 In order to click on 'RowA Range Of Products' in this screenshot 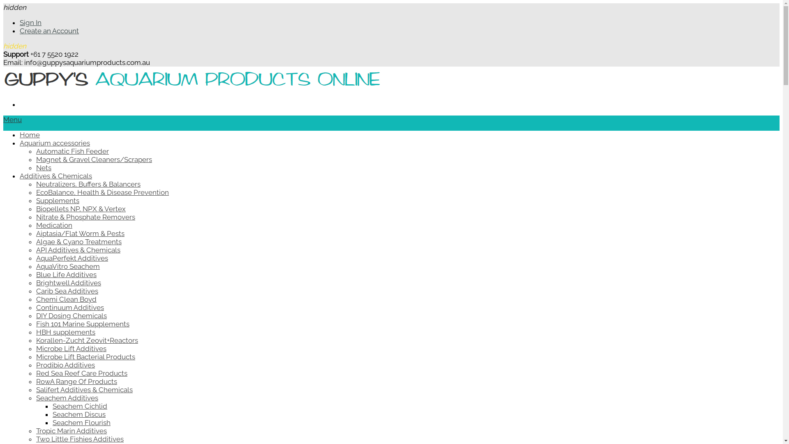, I will do `click(76, 382)`.